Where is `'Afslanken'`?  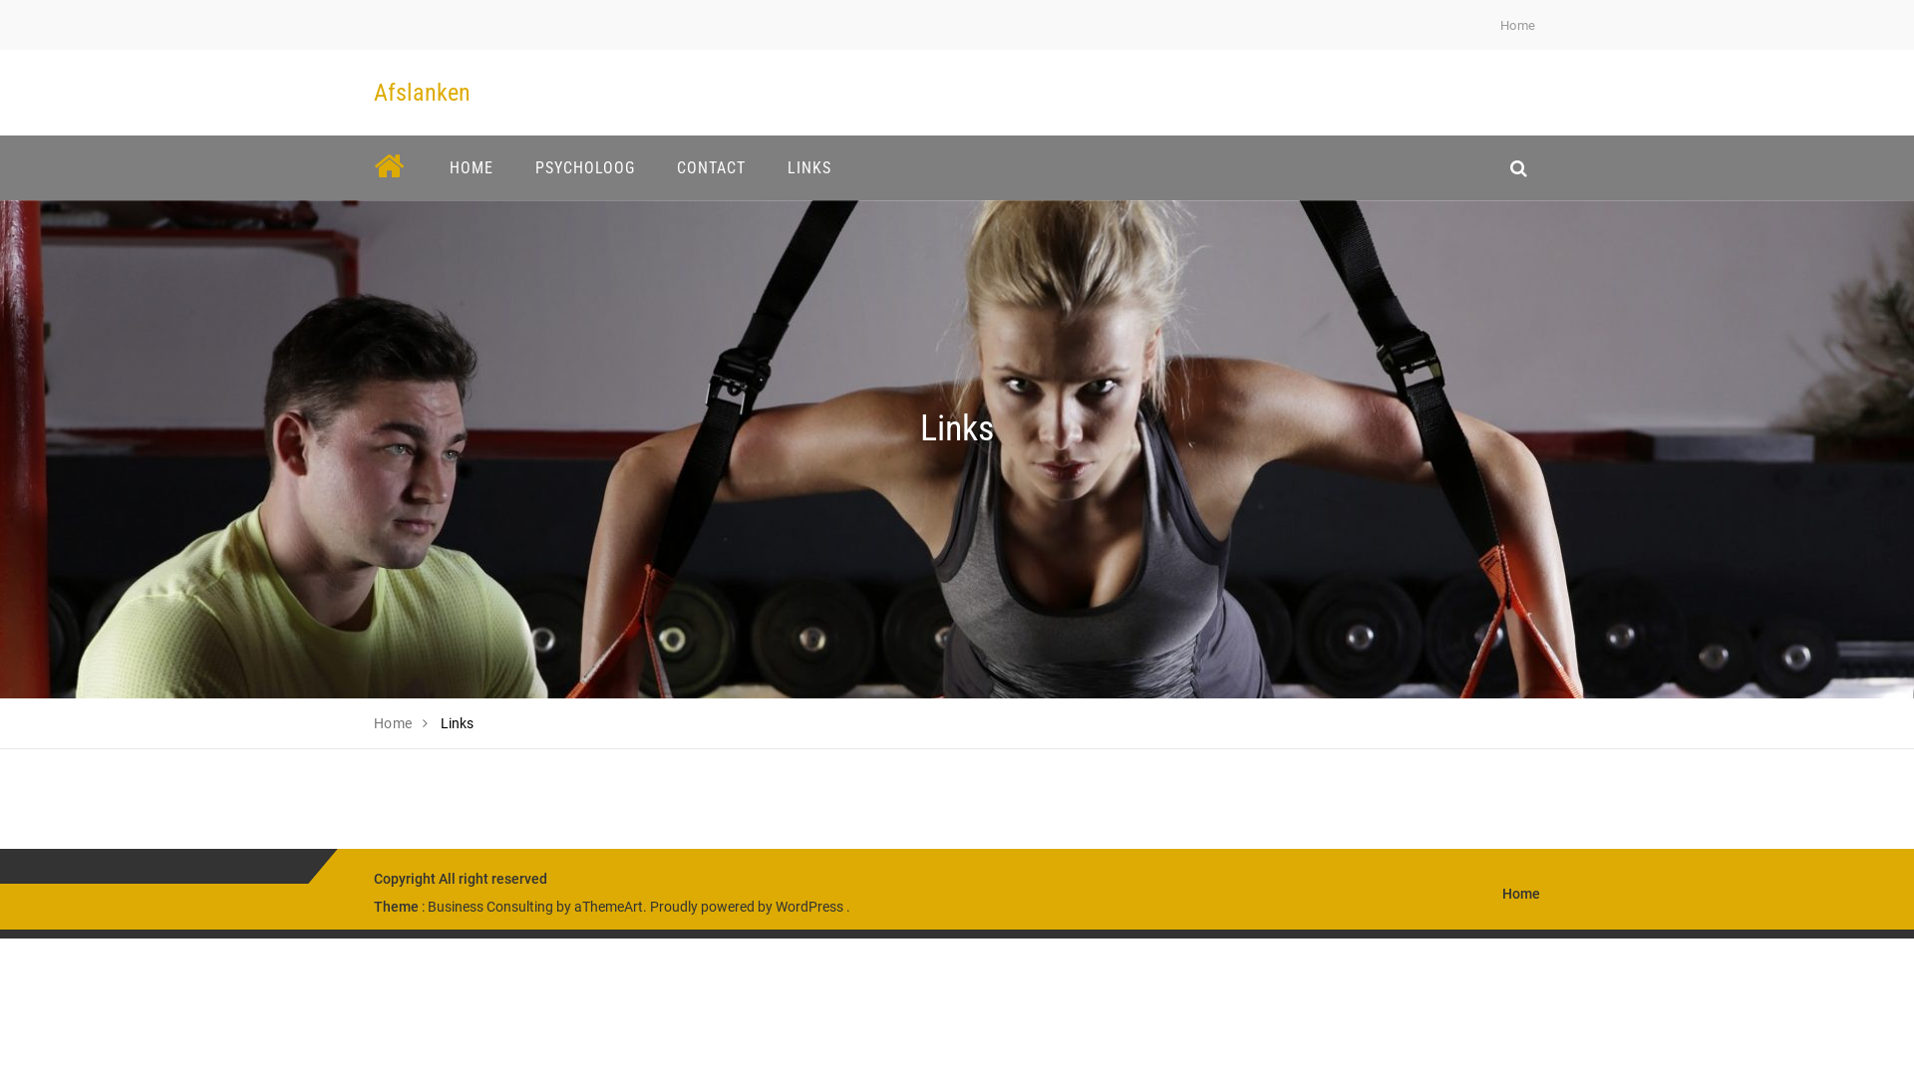
'Afslanken' is located at coordinates (373, 92).